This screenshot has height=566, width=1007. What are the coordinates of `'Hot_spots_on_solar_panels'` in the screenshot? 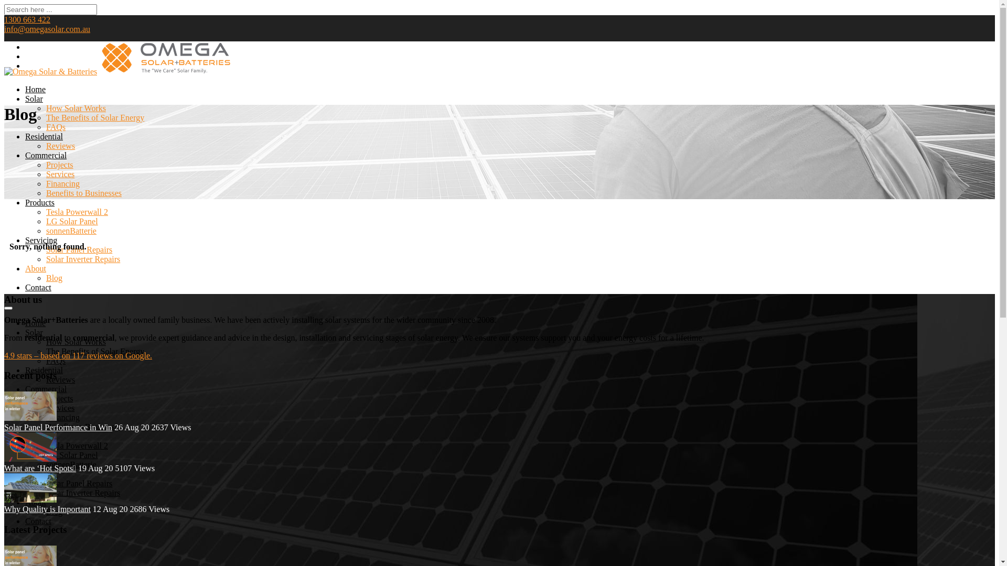 It's located at (30, 447).